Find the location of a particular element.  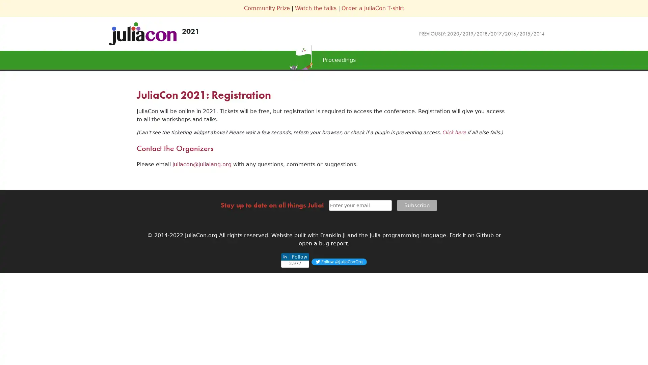

Subscribe is located at coordinates (416, 204).